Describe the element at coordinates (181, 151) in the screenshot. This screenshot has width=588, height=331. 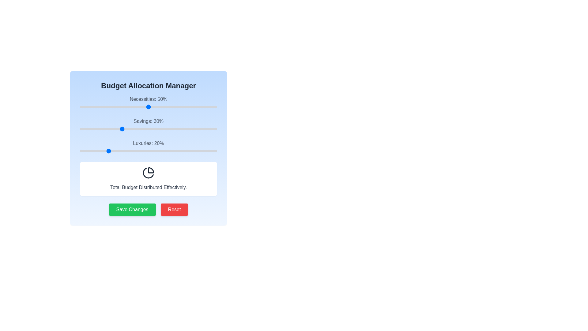
I see `luxuries percentage` at that location.